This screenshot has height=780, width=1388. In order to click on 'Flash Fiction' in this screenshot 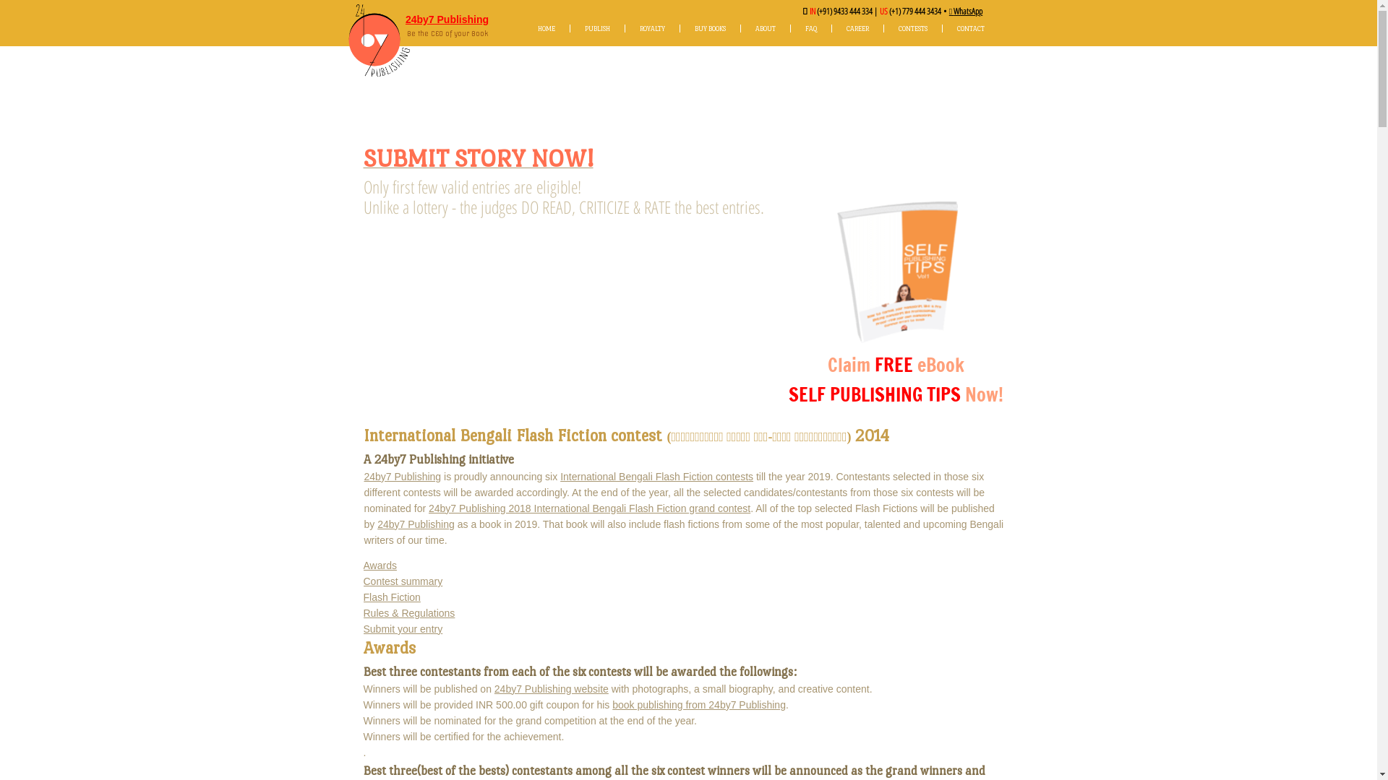, I will do `click(391, 597)`.